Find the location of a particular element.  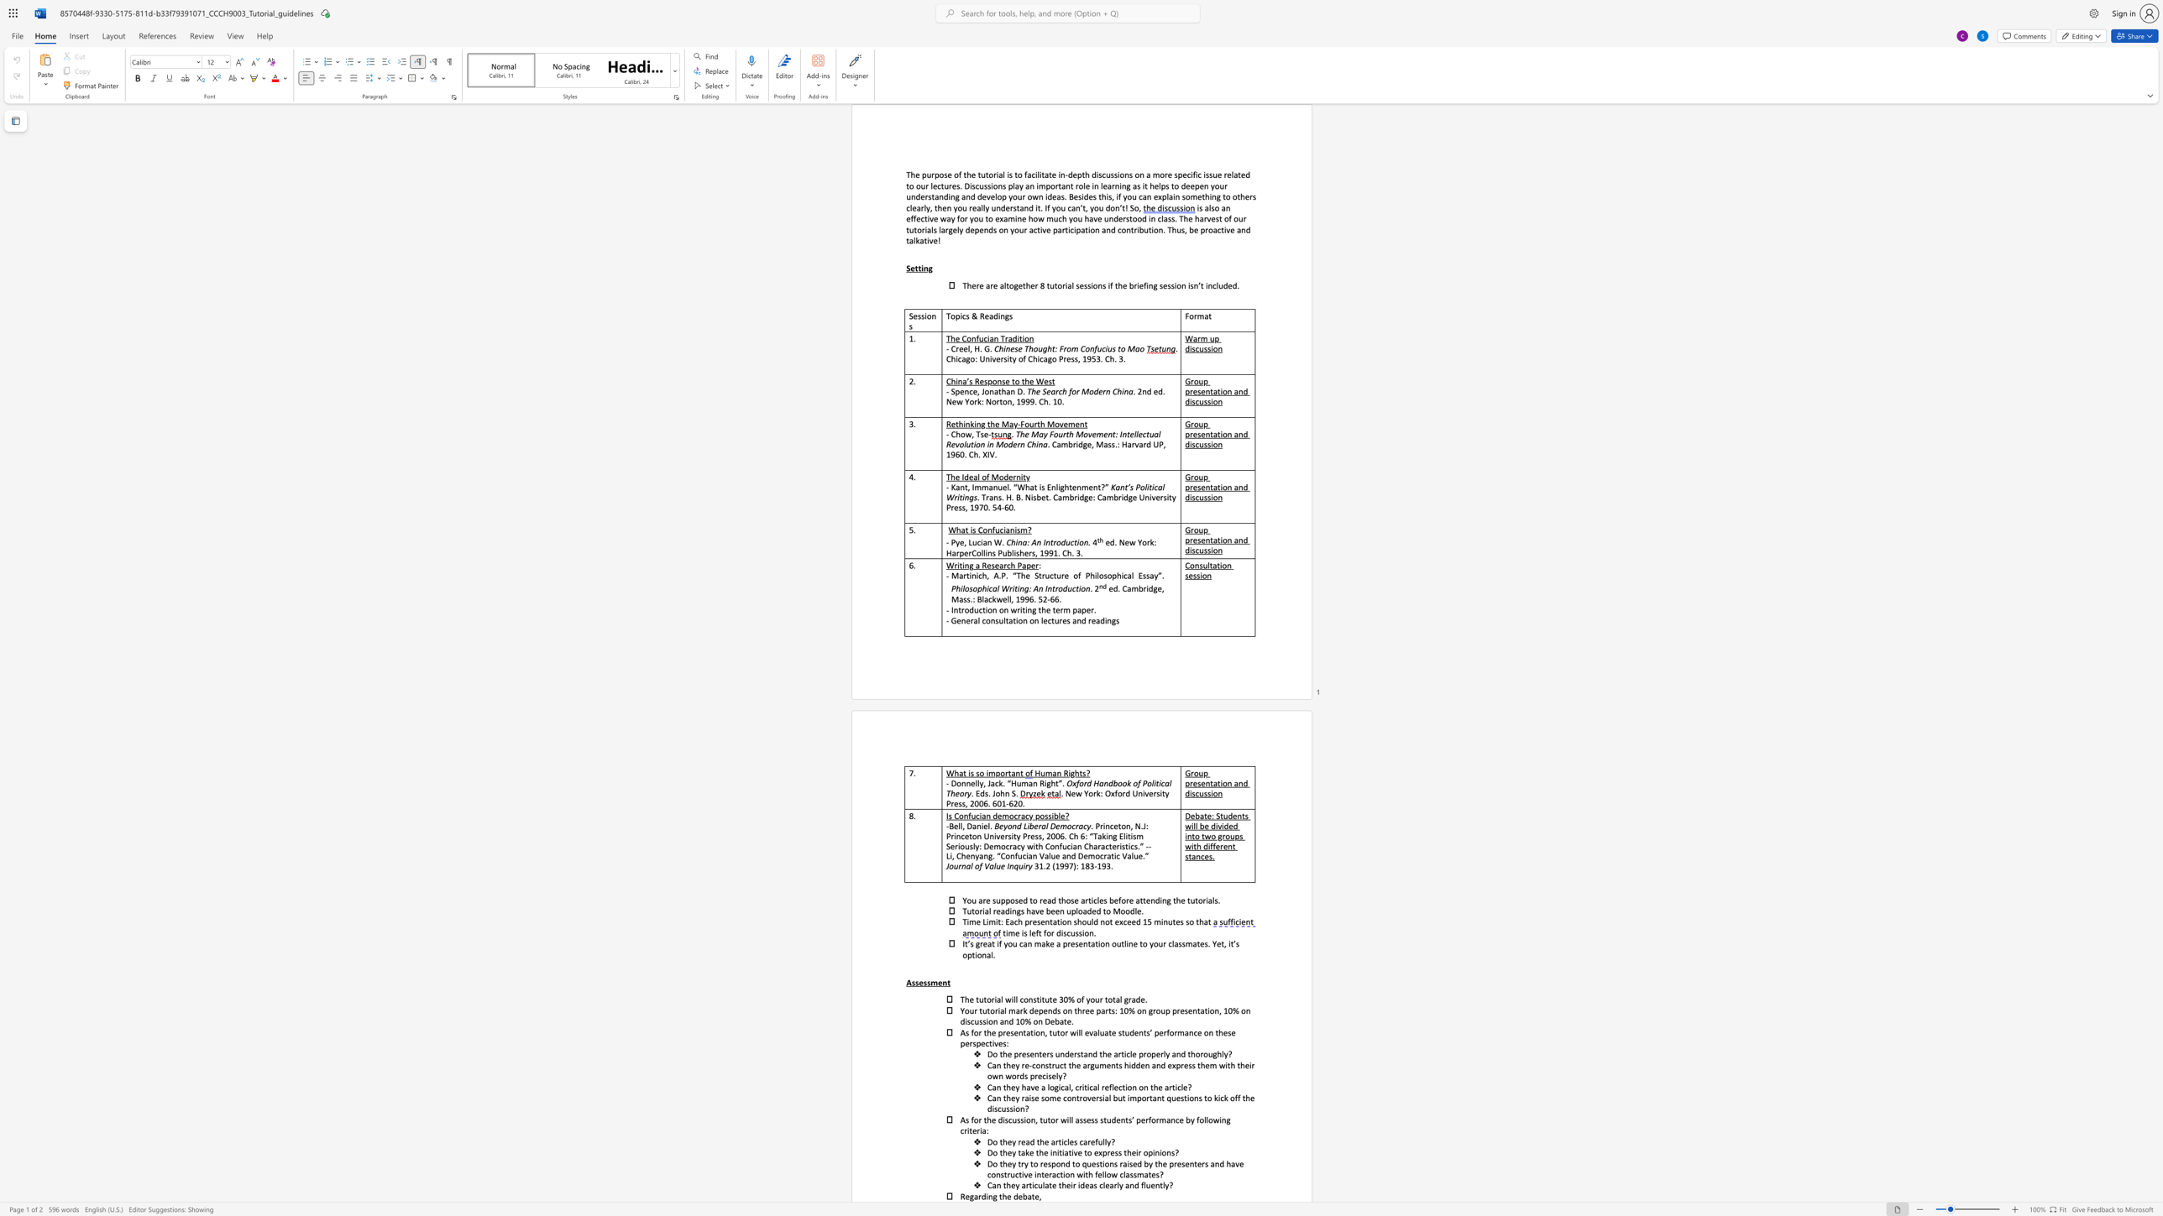

the subset text "ba" within the text "the debate," is located at coordinates (1023, 1195).